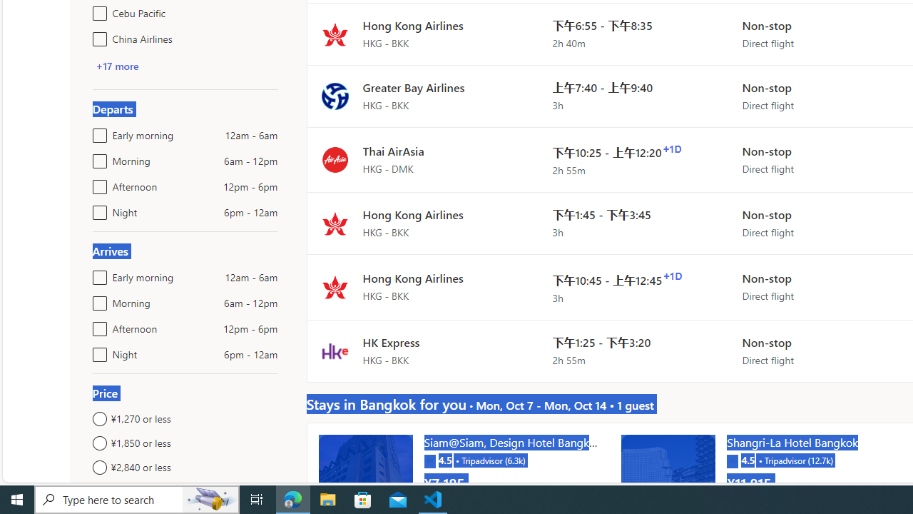 The width and height of the screenshot is (913, 514). I want to click on 'Afternoon12pm - 6pm', so click(96, 326).